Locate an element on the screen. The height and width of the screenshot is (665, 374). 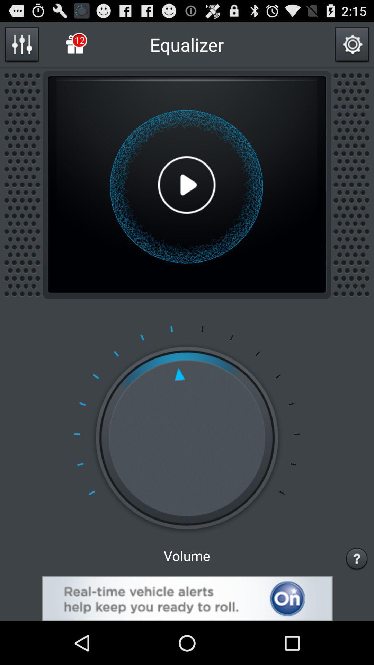
open equalizer option is located at coordinates (21, 44).